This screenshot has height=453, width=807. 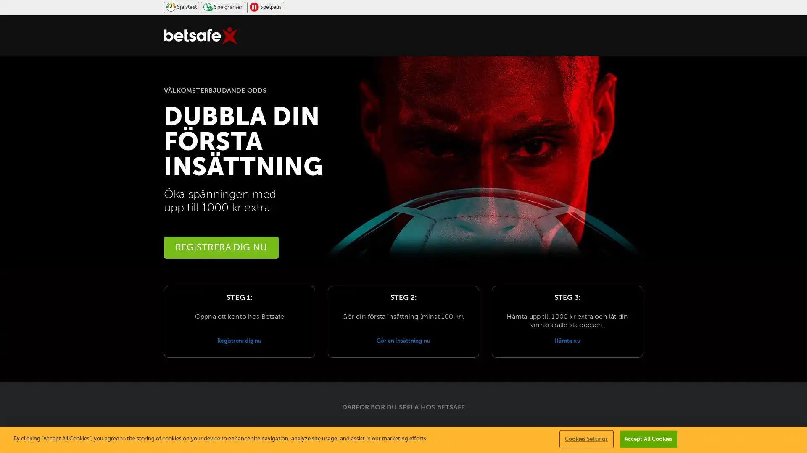 What do you see at coordinates (585, 438) in the screenshot?
I see `Cookies Settings` at bounding box center [585, 438].